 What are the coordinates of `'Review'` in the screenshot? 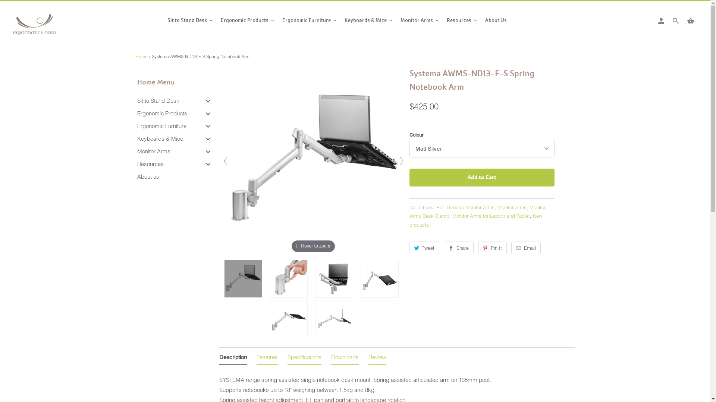 It's located at (377, 358).